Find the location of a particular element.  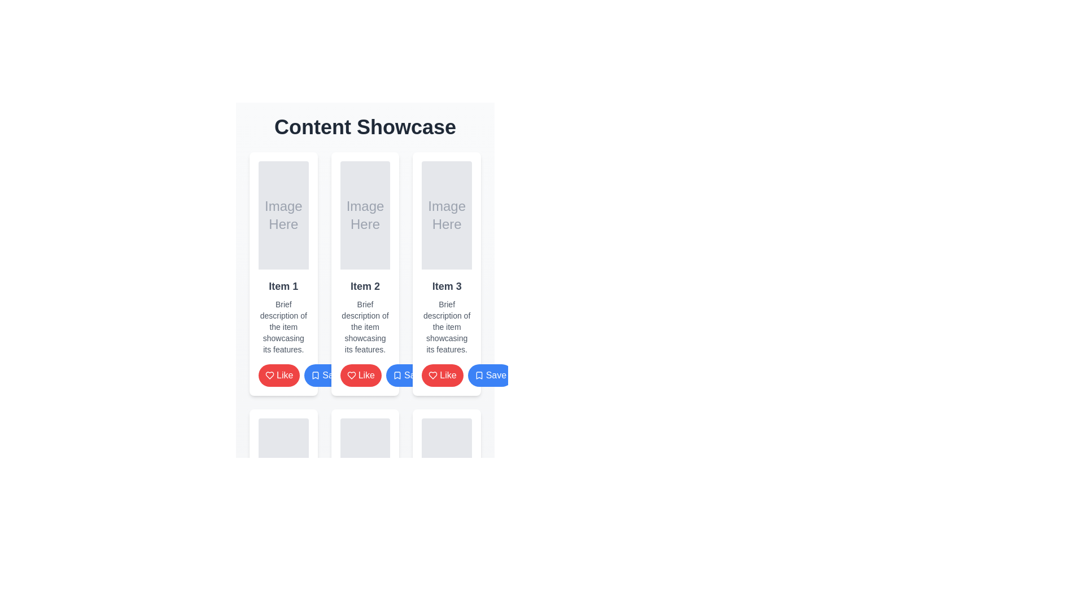

the static text block that reads 'Brief description of the item showcasing its features.', located below the heading 'Item 2' in the second card is located at coordinates (365, 326).